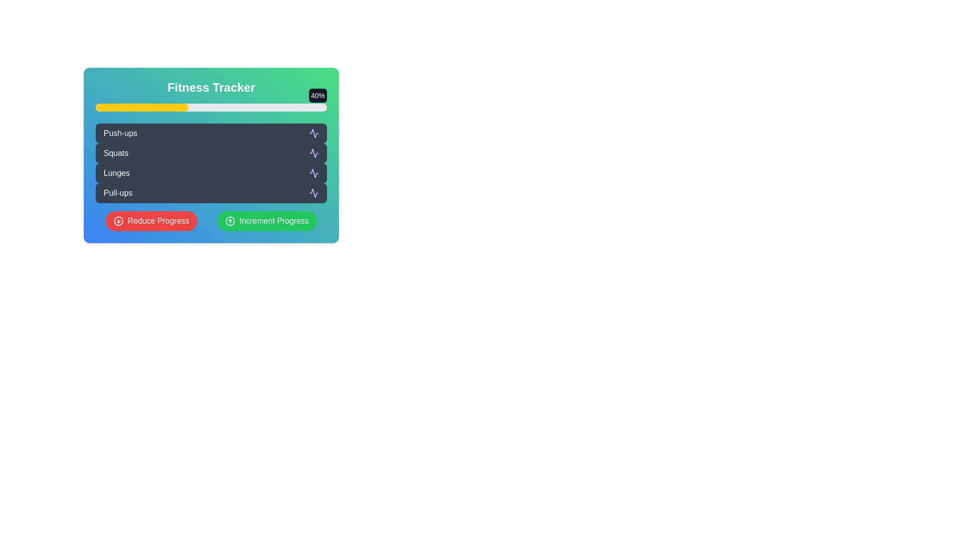  What do you see at coordinates (230, 220) in the screenshot?
I see `the central circular part of the 'Increment Progress' button, which visually enhances the user interface and represents the increment functionality` at bounding box center [230, 220].